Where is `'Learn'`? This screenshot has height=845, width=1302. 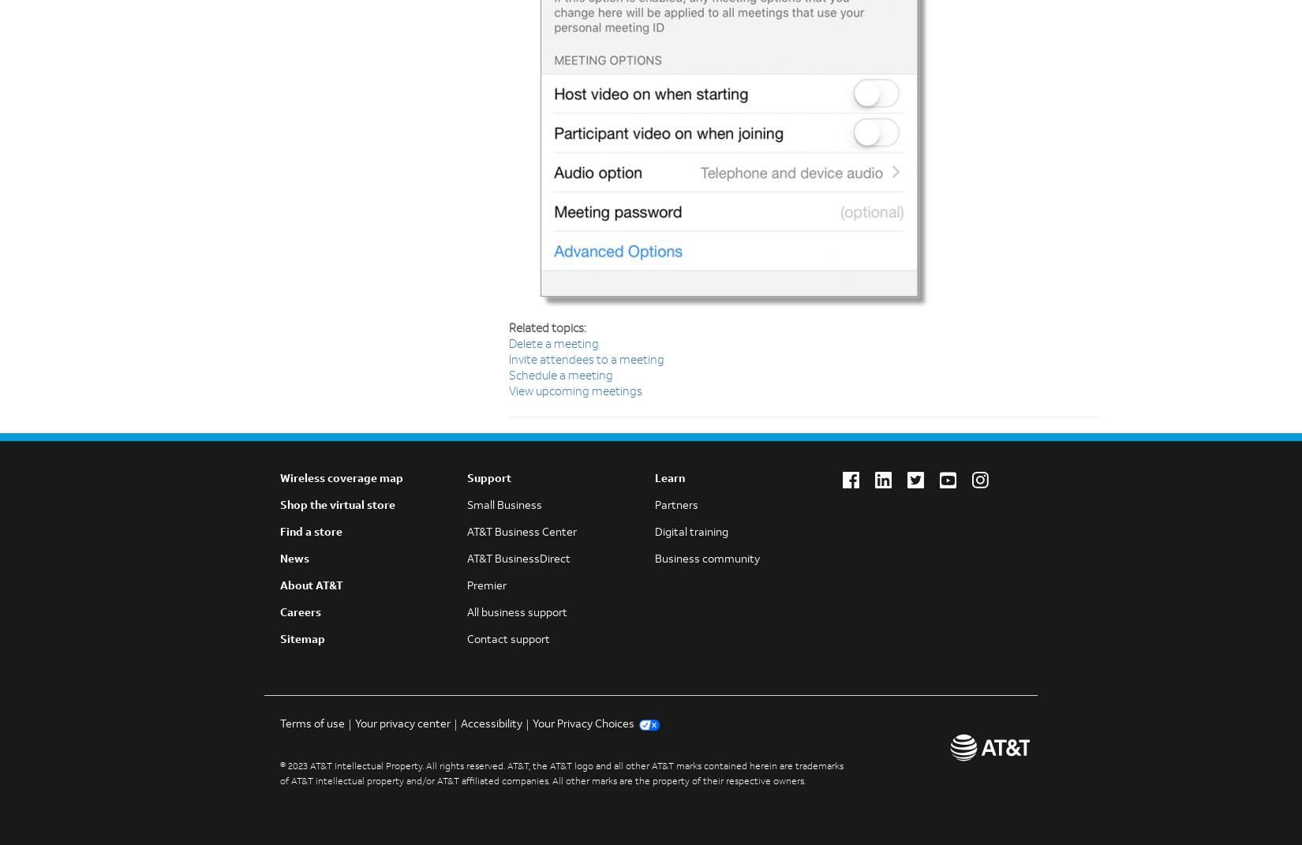 'Learn' is located at coordinates (668, 479).